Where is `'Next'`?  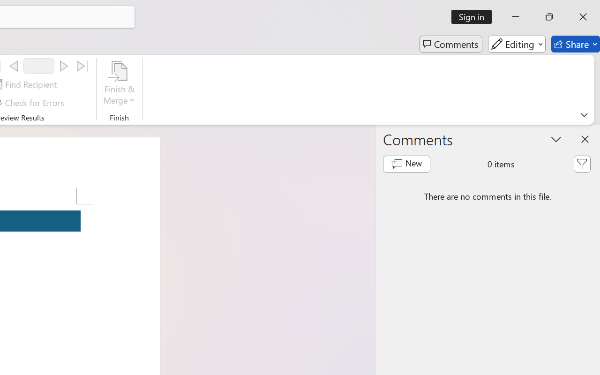 'Next' is located at coordinates (63, 66).